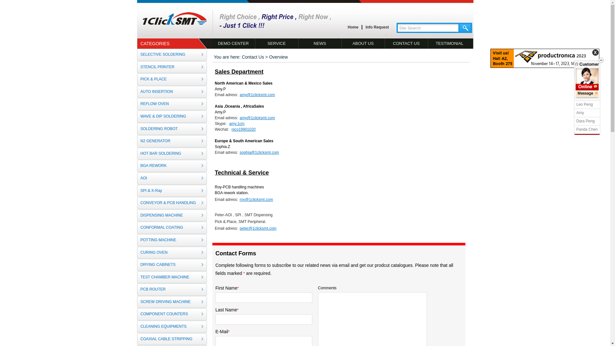  Describe the element at coordinates (172, 215) in the screenshot. I see `'DISPENSING MACHINE'` at that location.